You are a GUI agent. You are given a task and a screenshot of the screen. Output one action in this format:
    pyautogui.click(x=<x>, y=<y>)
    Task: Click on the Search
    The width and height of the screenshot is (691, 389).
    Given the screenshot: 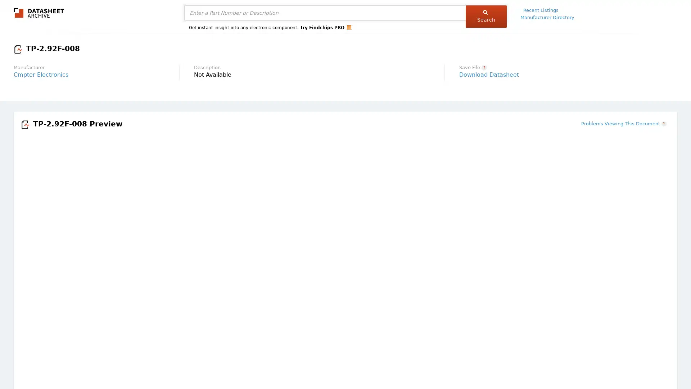 What is the action you would take?
    pyautogui.click(x=485, y=16)
    